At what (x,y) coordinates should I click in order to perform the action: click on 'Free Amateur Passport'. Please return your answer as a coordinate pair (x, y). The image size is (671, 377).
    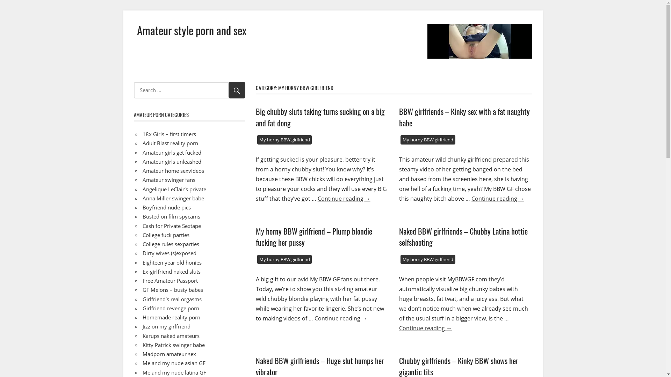
    Looking at the image, I should click on (170, 280).